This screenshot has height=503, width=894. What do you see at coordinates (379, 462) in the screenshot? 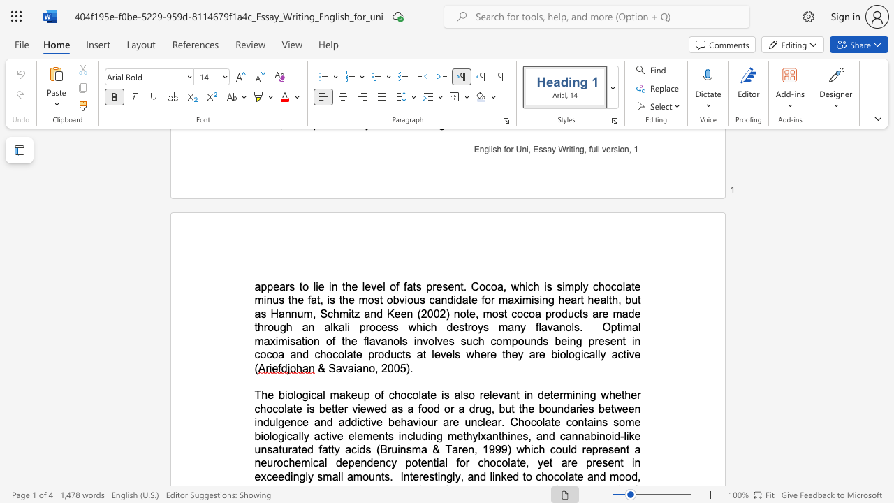
I see `the subset text "ncy potential for chocolate, yet are presen" within the text "a neurochemical dependency potential for chocolate, yet are present in exceedingly small amounts"` at bounding box center [379, 462].